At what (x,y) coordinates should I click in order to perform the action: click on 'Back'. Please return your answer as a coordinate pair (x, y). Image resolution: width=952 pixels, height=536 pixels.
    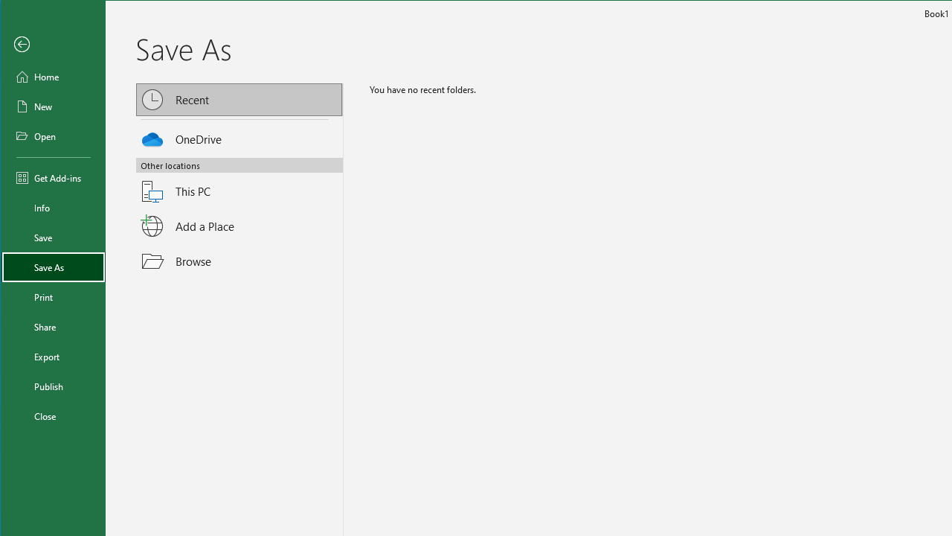
    Looking at the image, I should click on (54, 44).